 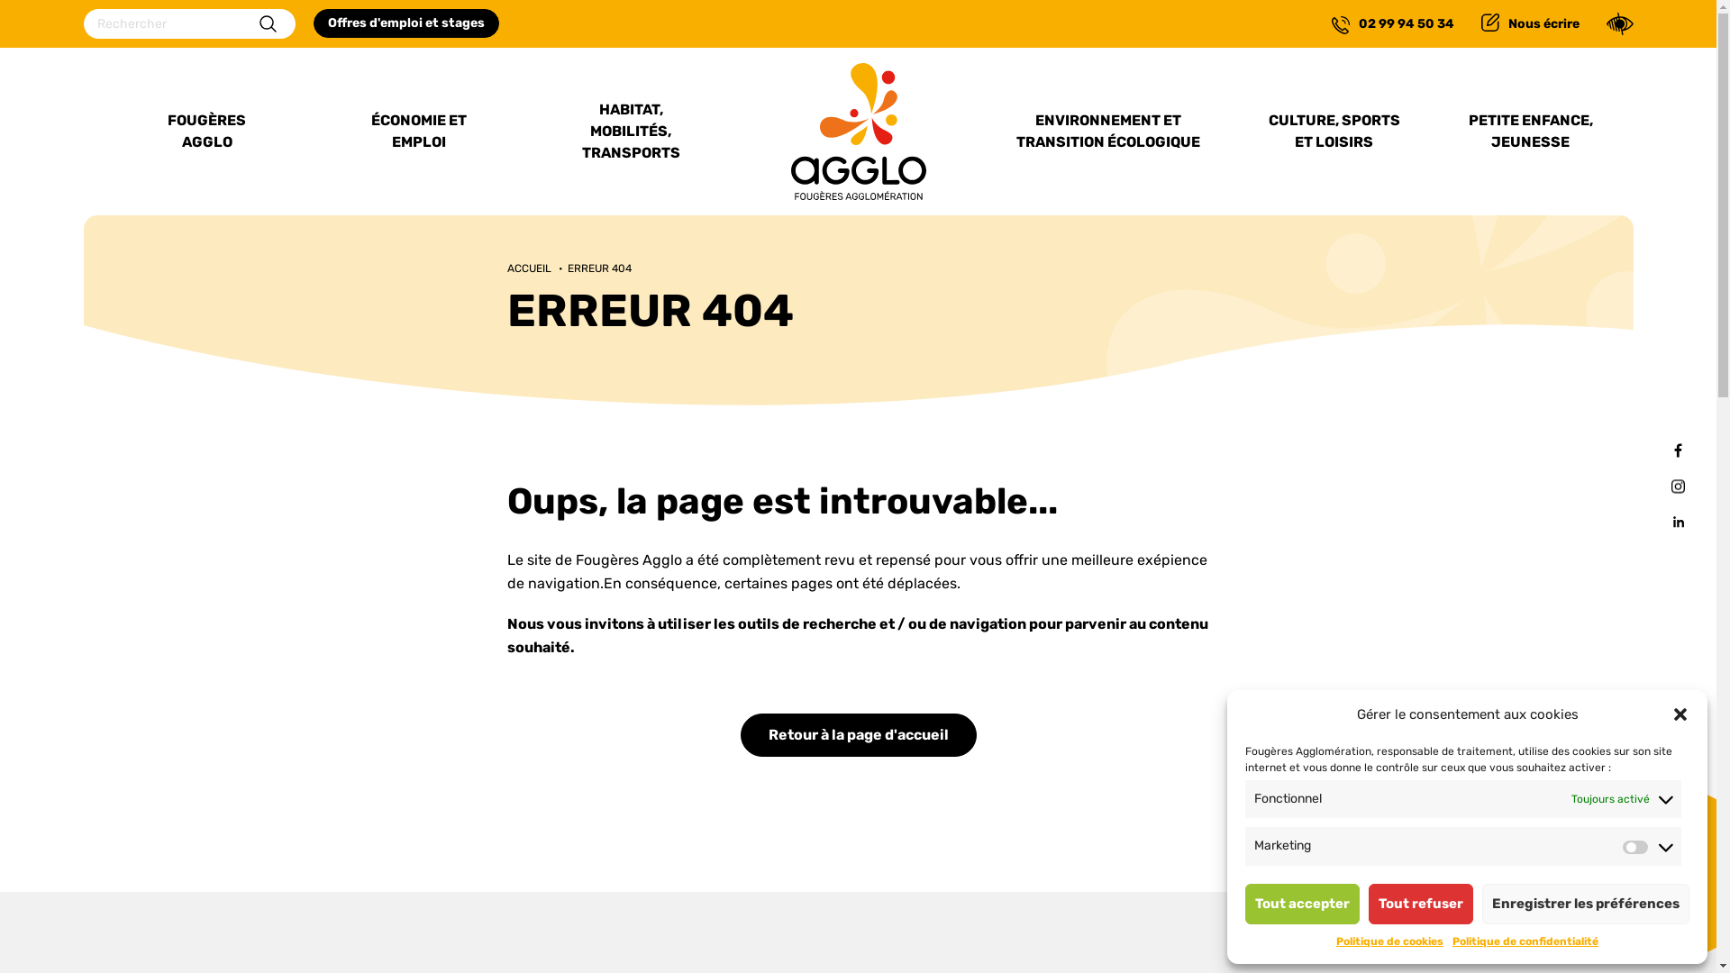 I want to click on 'Confort', so click(x=1619, y=23).